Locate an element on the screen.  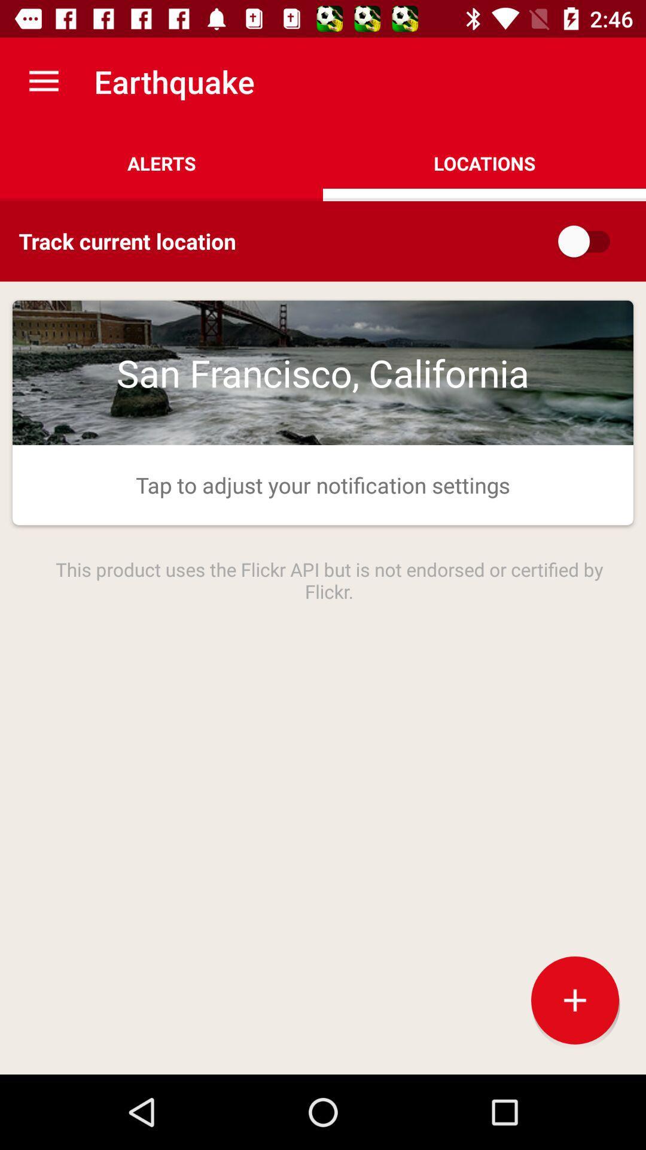
the alerts app is located at coordinates (161, 163).